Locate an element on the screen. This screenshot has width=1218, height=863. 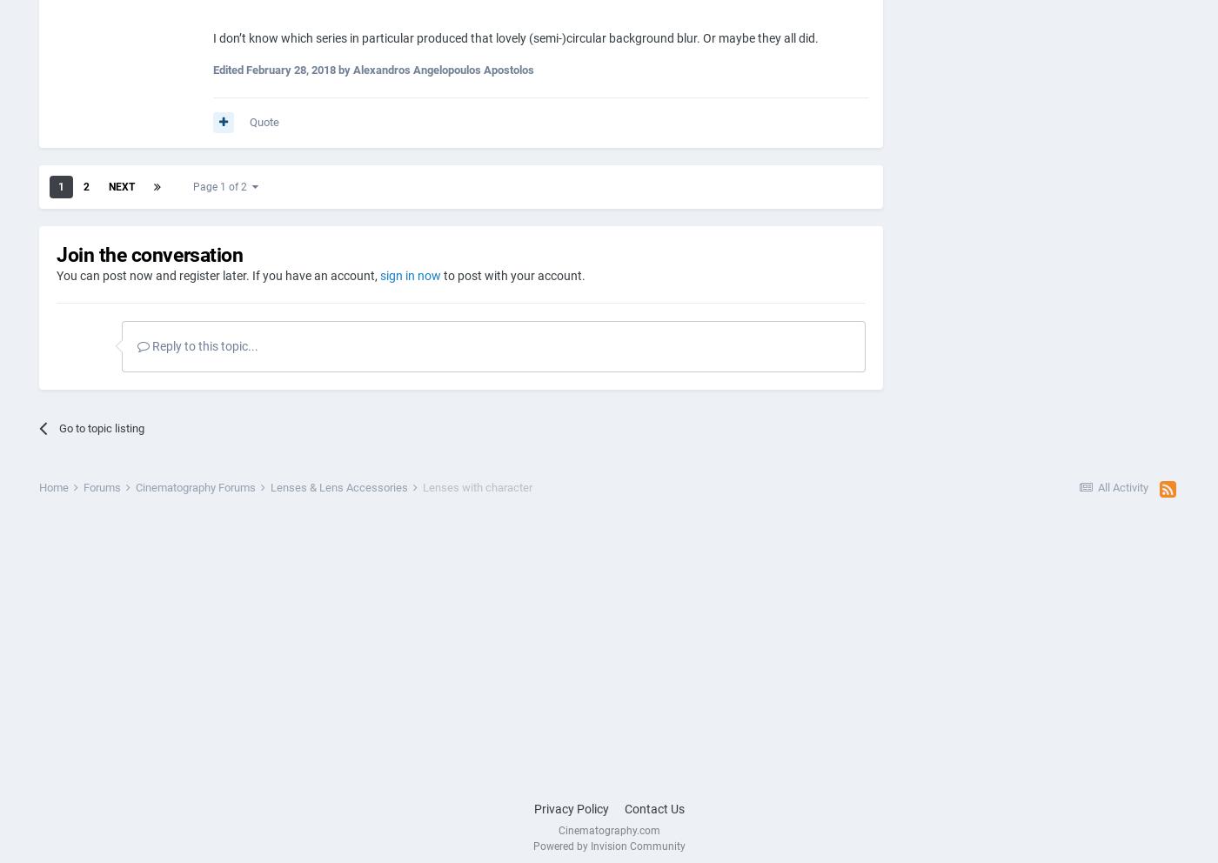
'by Alexandros Angelopoulos Apostolos' is located at coordinates (434, 70).